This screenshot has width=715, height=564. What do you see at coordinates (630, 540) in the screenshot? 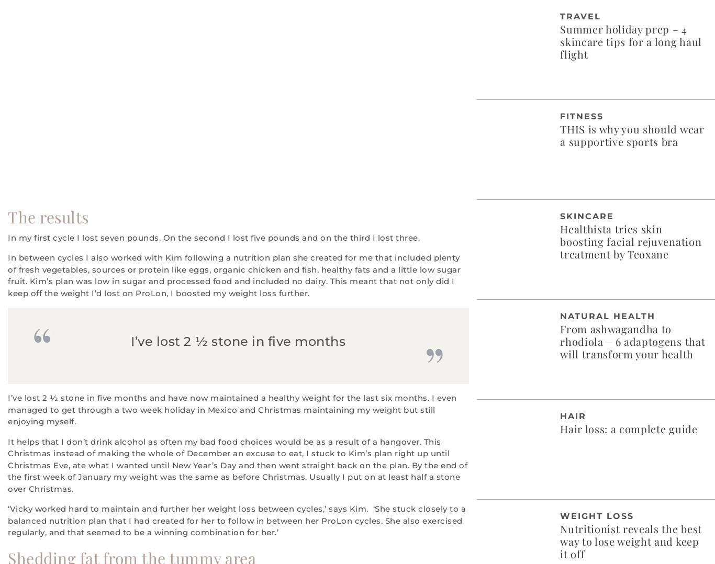
I see `'Nutritionist reveals the best way to lose weight and keep it off'` at bounding box center [630, 540].